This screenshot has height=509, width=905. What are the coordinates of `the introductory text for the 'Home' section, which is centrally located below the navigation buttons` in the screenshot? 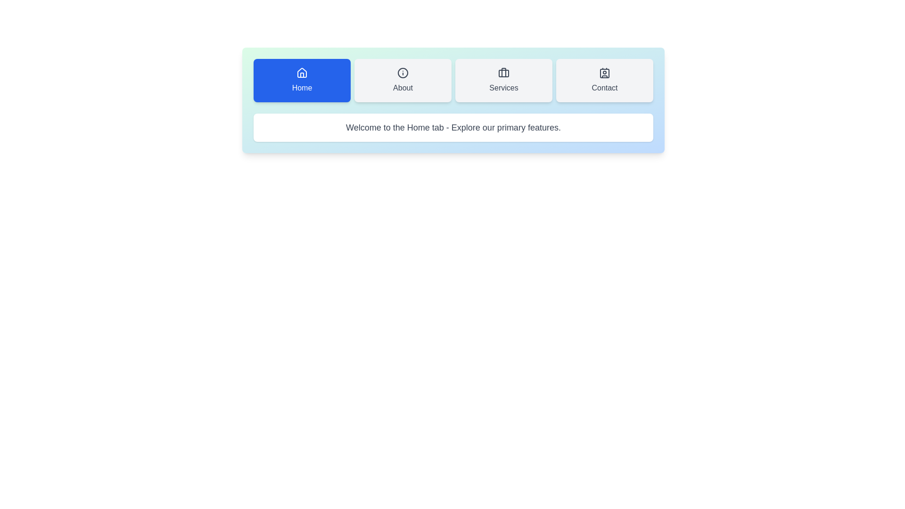 It's located at (453, 127).